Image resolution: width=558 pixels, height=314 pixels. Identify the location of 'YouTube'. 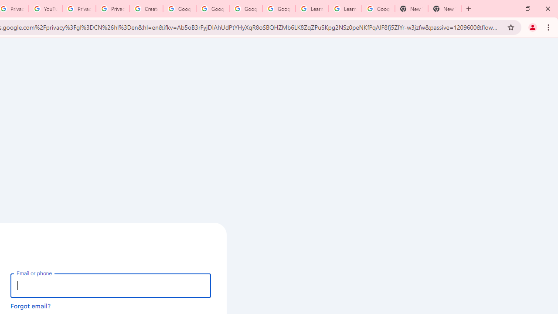
(45, 9).